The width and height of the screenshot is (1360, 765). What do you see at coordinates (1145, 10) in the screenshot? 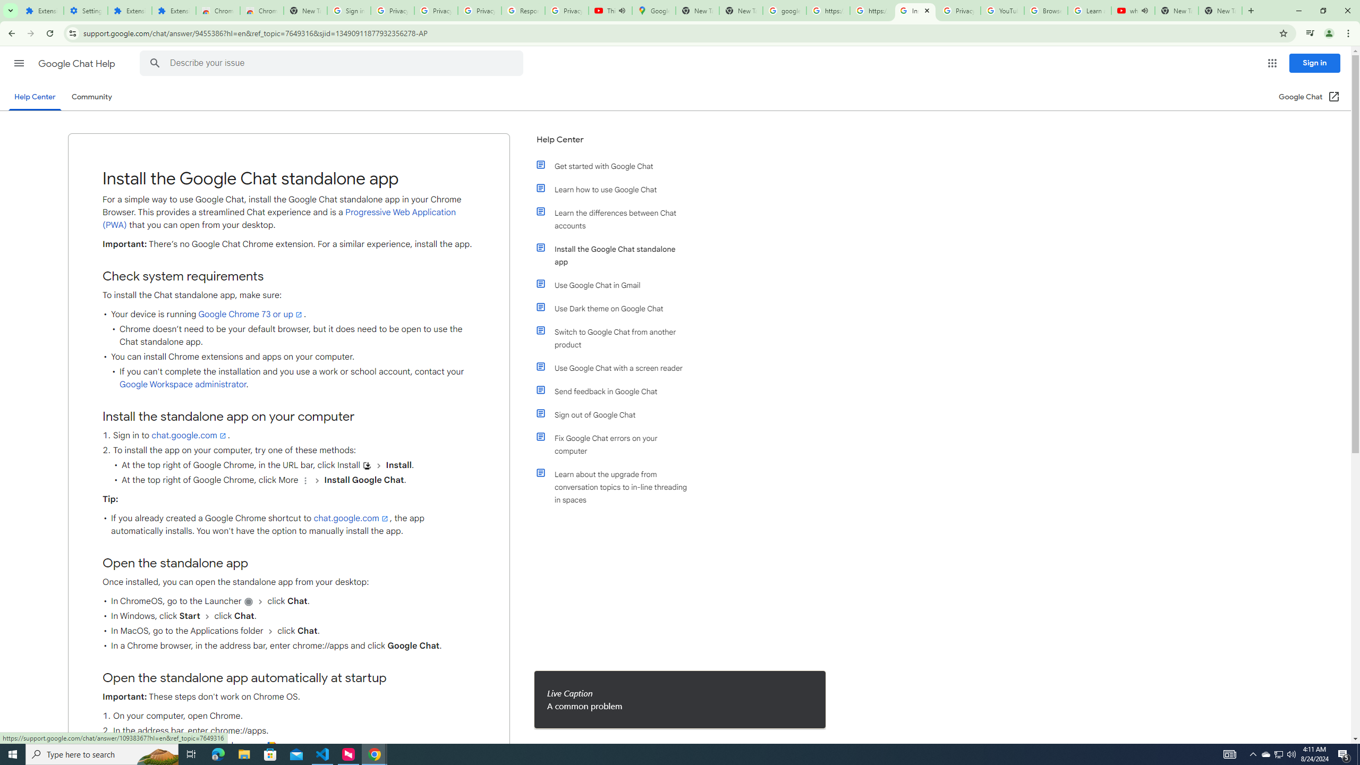
I see `'Mute tab'` at bounding box center [1145, 10].